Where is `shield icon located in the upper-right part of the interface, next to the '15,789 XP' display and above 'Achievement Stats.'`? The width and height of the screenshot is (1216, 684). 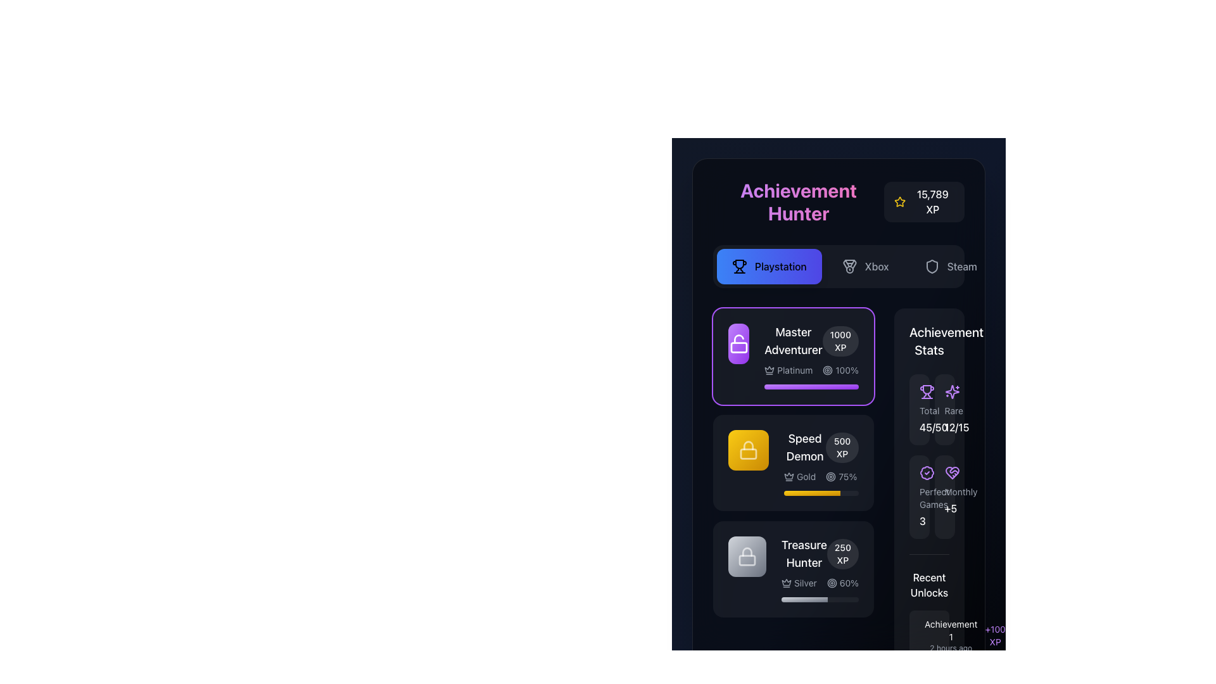
shield icon located in the upper-right part of the interface, next to the '15,789 XP' display and above 'Achievement Stats.' is located at coordinates (932, 265).